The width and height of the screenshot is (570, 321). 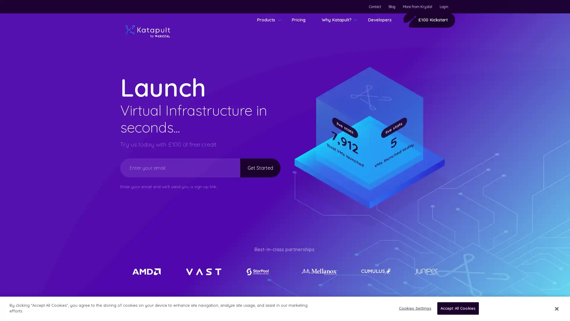 I want to click on Accept All Cookies, so click(x=457, y=308).